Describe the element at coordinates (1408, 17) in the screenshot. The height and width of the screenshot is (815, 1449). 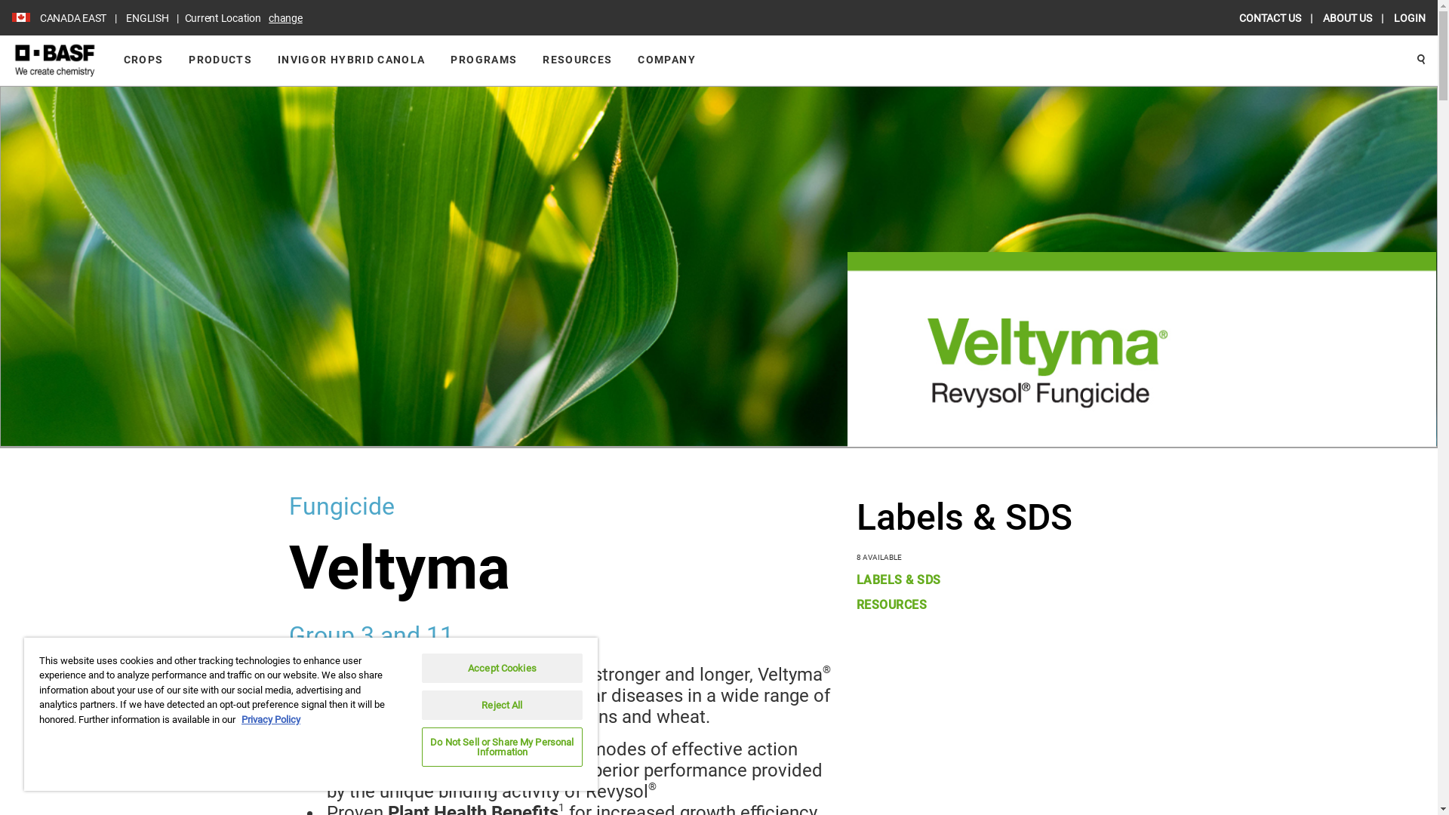
I see `'LOGIN'` at that location.